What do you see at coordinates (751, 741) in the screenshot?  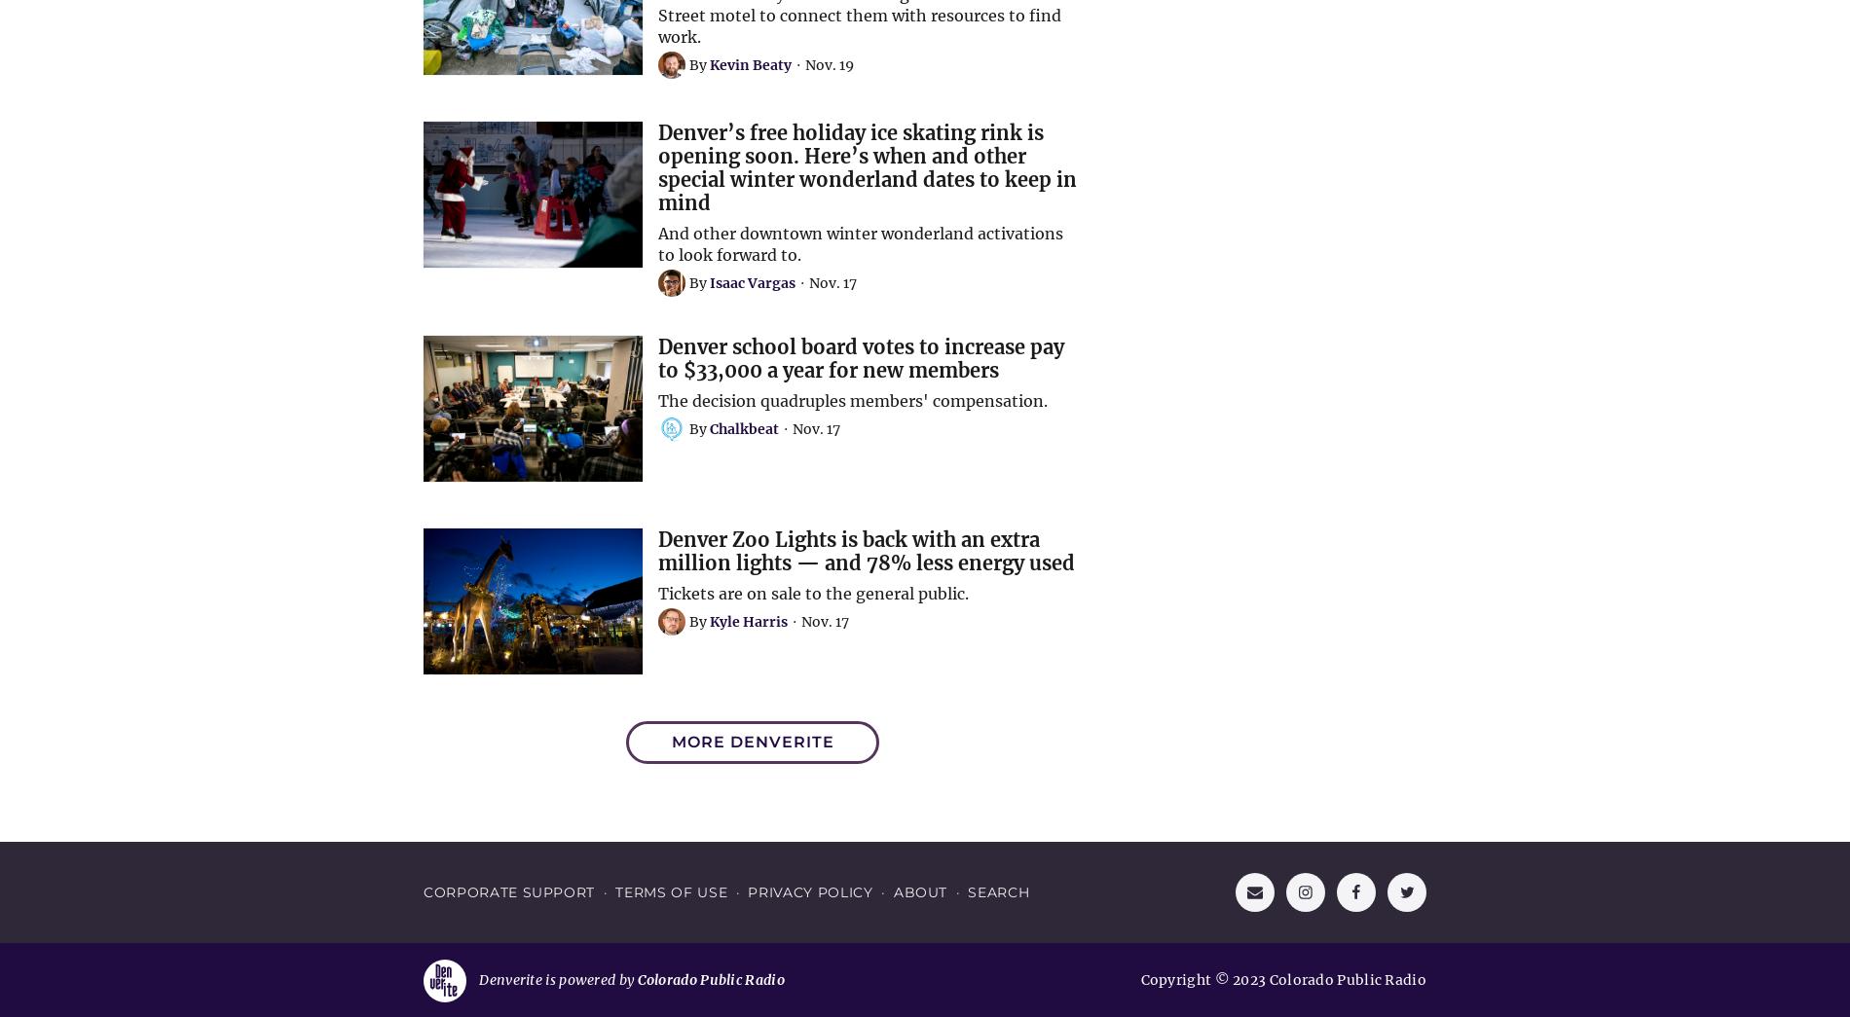 I see `'More Denverite'` at bounding box center [751, 741].